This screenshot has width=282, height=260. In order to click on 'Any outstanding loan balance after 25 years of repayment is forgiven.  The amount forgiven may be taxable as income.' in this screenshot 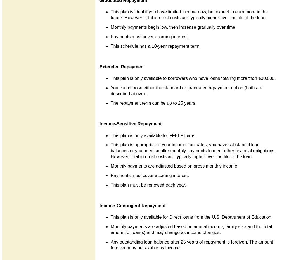, I will do `click(192, 244)`.